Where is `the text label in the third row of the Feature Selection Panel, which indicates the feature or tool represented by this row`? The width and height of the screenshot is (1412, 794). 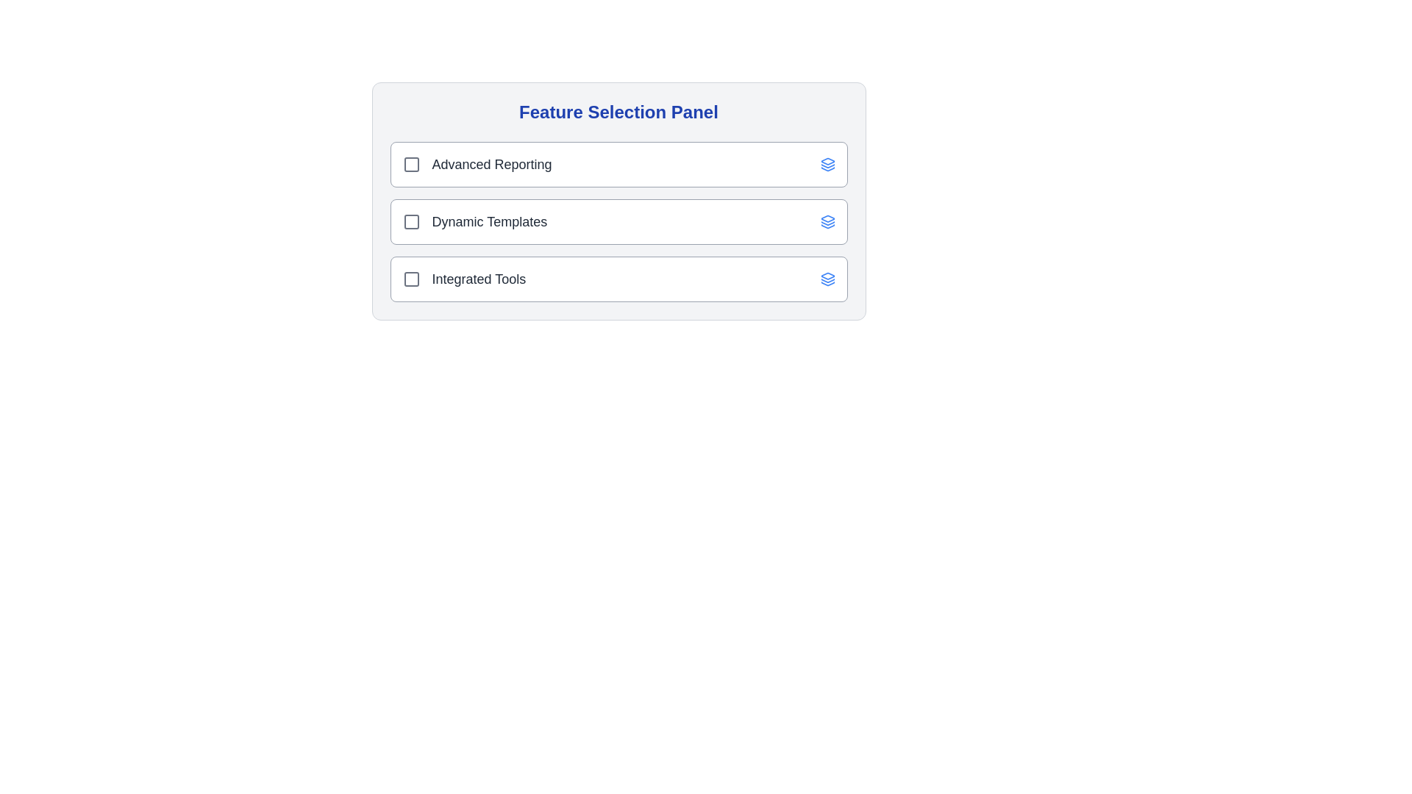
the text label in the third row of the Feature Selection Panel, which indicates the feature or tool represented by this row is located at coordinates (479, 279).